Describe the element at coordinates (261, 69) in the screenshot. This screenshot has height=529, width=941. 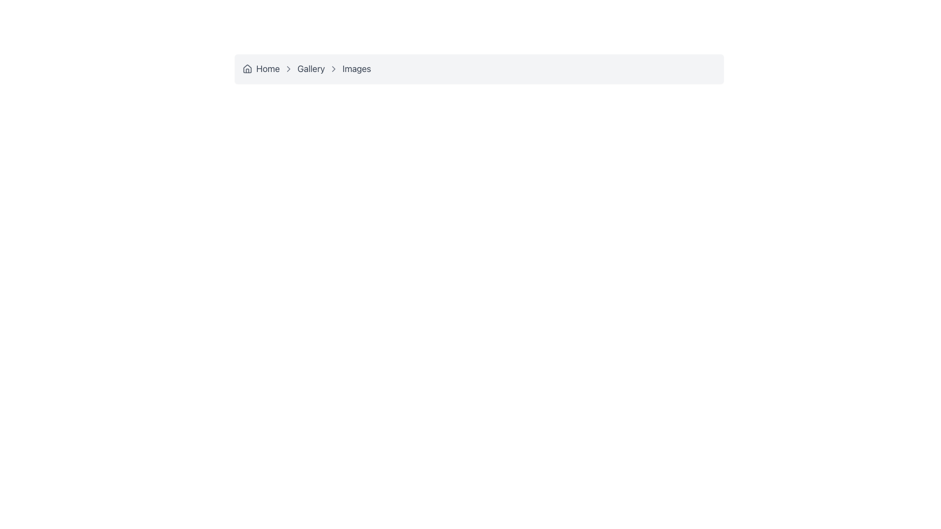
I see `the link with icon that serves as the home page navigation in the breadcrumb navigation bar, located at the upper-left of the interface` at that location.